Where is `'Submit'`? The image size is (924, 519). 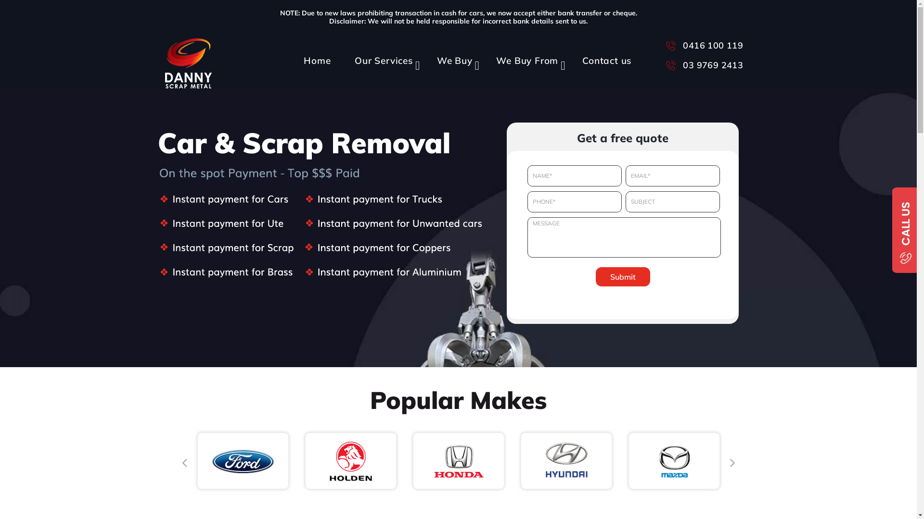
'Submit' is located at coordinates (595, 276).